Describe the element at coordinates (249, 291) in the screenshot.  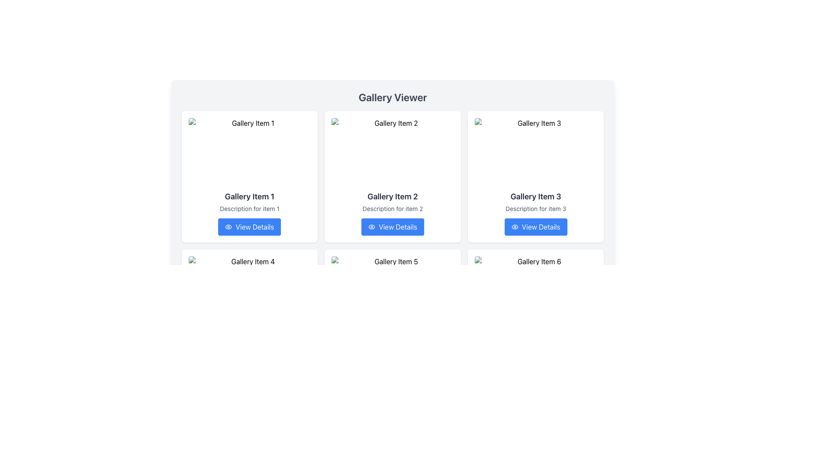
I see `the image thumbnail labeled as 'Gallery Item 4' to interact with the gallery` at that location.